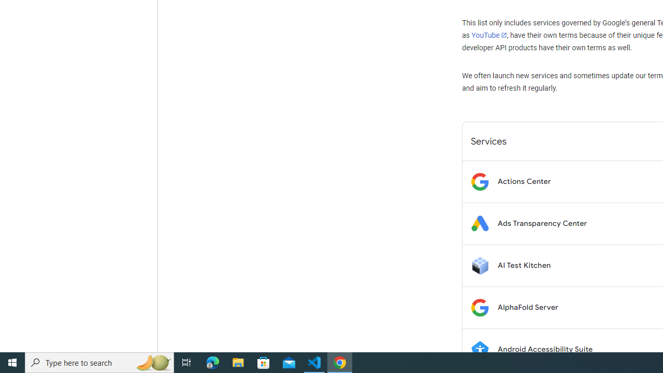  Describe the element at coordinates (479, 181) in the screenshot. I see `'Logo for Actions Center'` at that location.